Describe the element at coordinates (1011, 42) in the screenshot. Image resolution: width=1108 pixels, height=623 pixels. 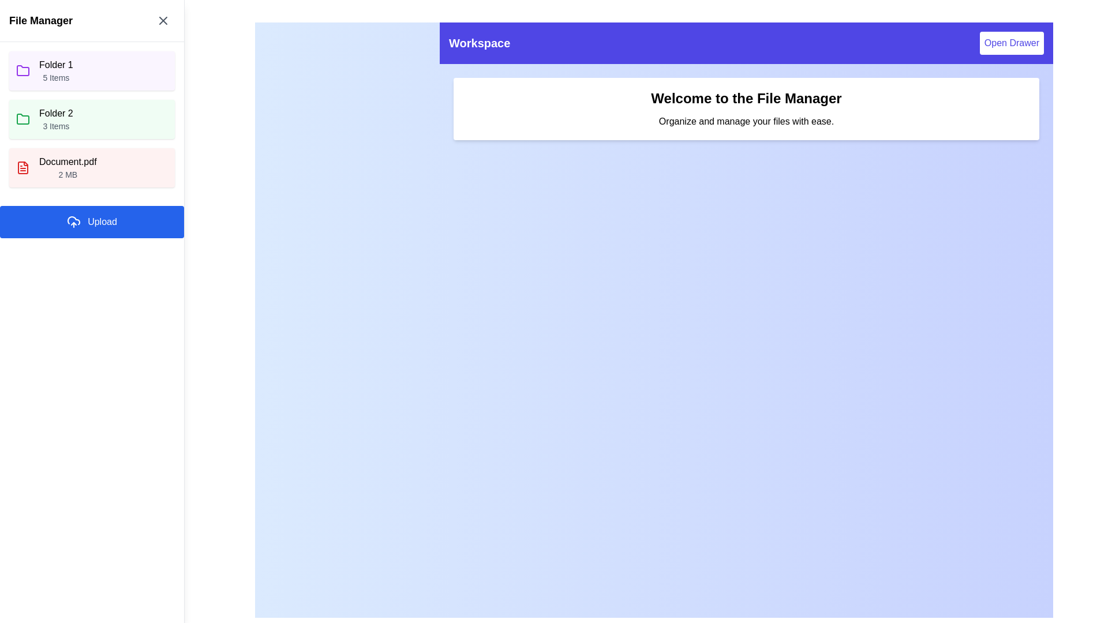
I see `the button located in the top-right corner of the header bar` at that location.